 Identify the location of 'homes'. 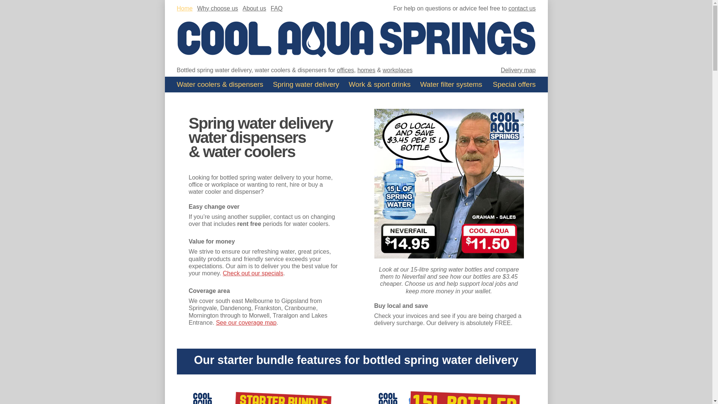
(366, 70).